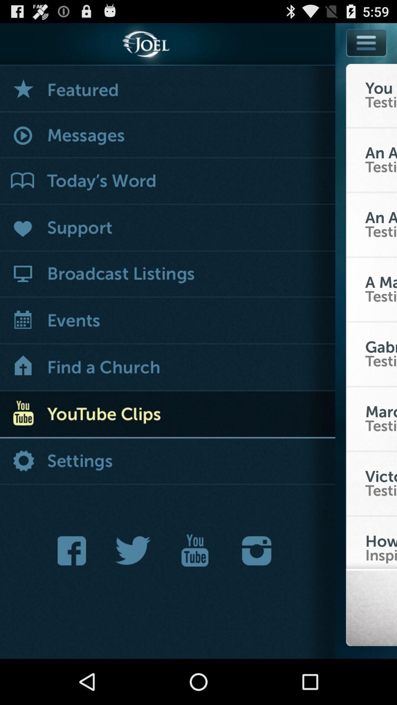  I want to click on lists of broadcasts, so click(167, 274).